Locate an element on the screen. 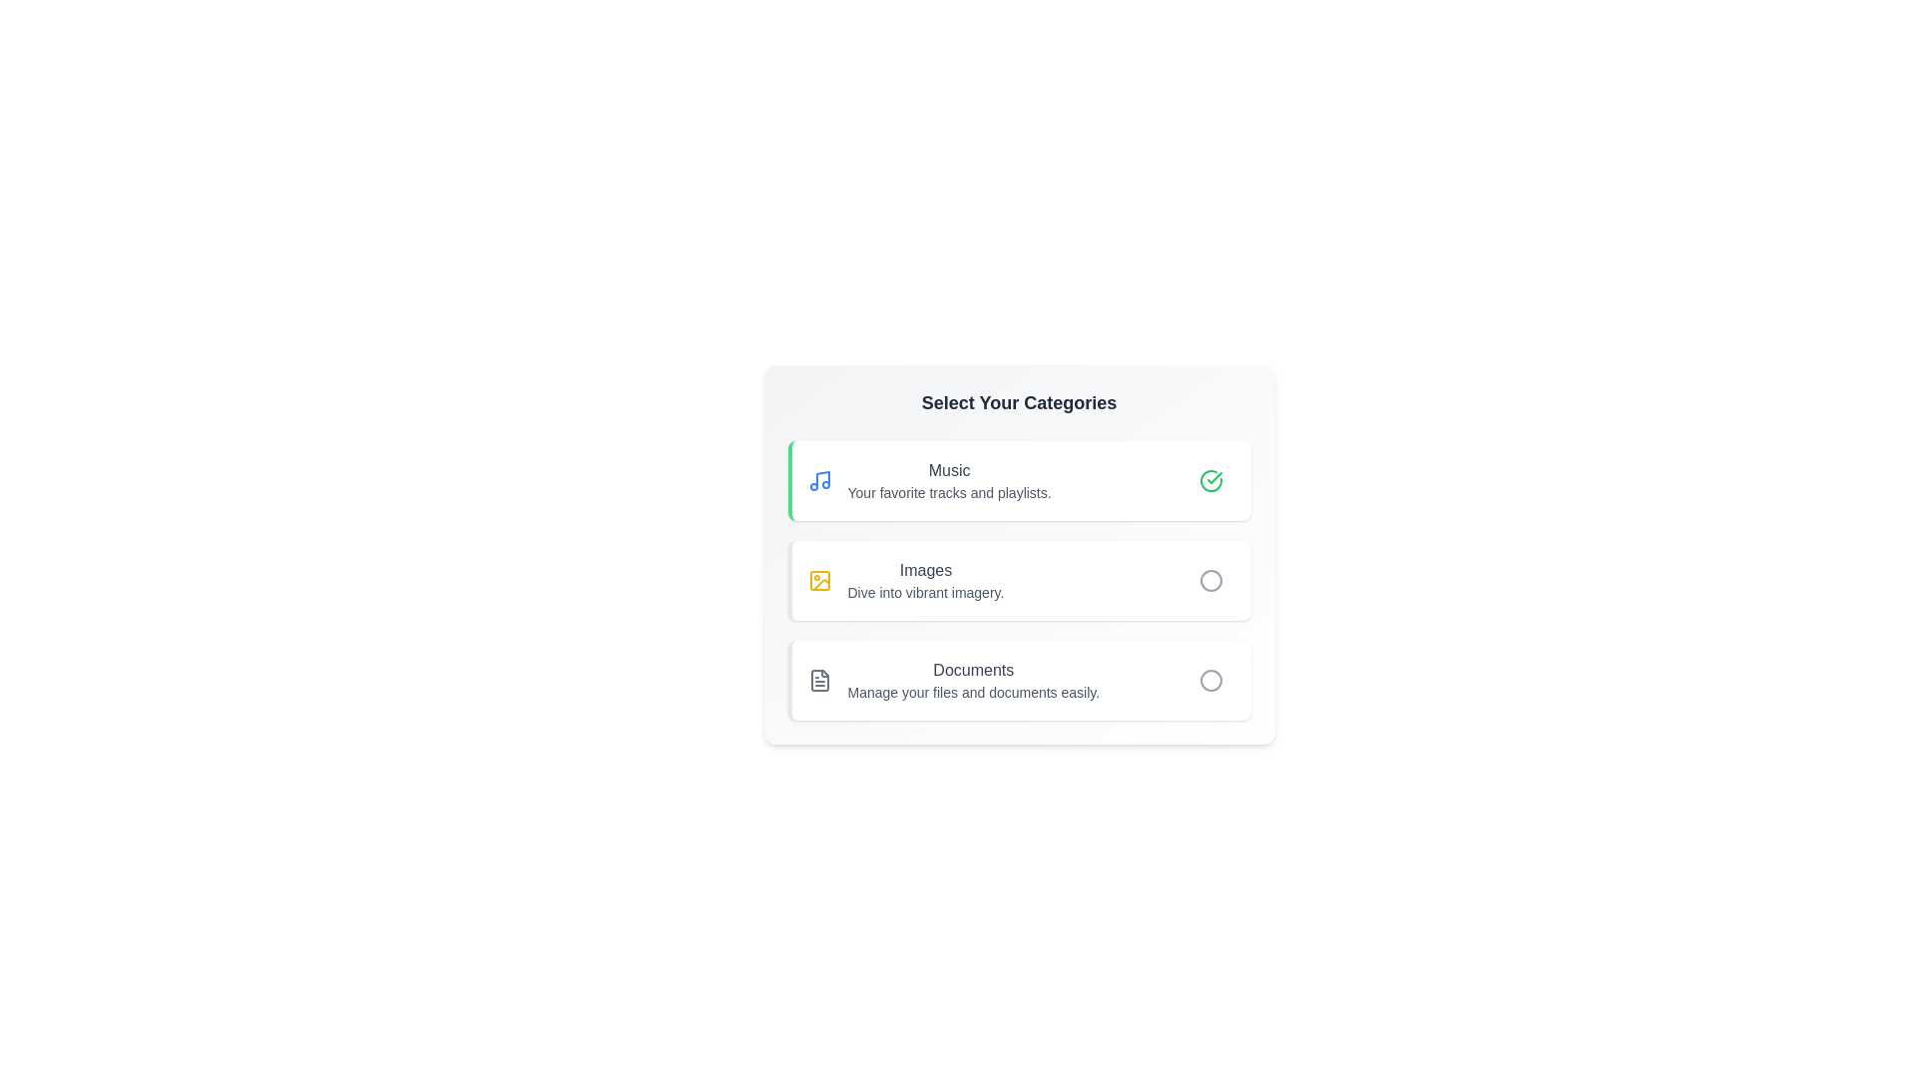 This screenshot has width=1916, height=1078. the category Images is located at coordinates (1019, 581).